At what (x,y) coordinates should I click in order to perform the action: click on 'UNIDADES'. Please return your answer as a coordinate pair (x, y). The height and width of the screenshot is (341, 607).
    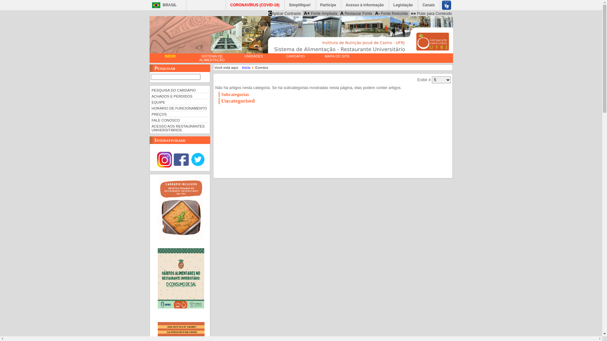
    Looking at the image, I should click on (253, 56).